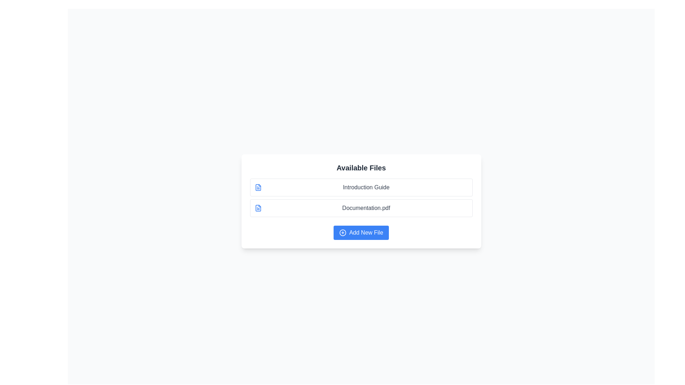 The image size is (685, 385). What do you see at coordinates (361, 232) in the screenshot?
I see `the button for adding a new file located at the bottom of the 'Available Files' section` at bounding box center [361, 232].